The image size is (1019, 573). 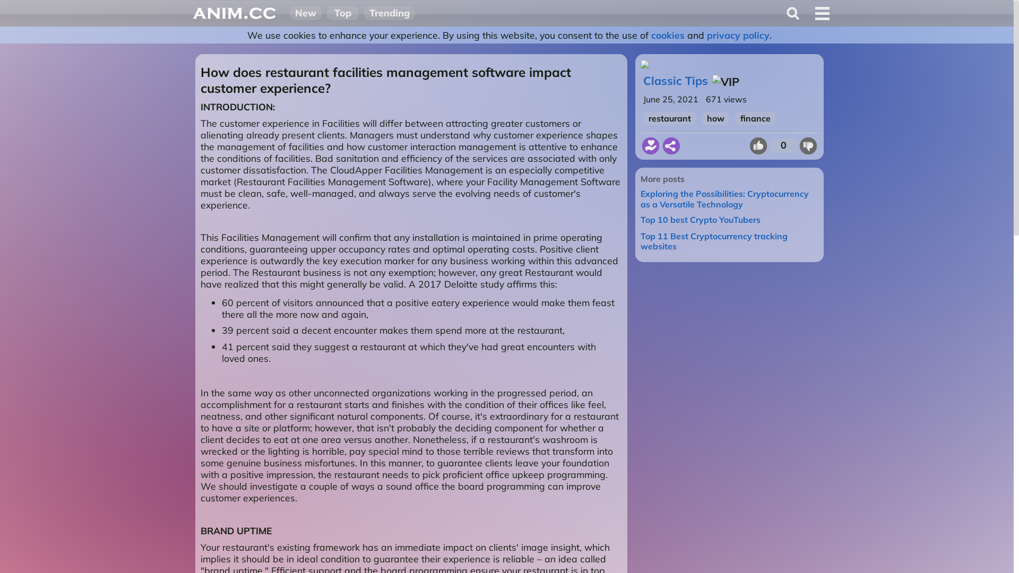 What do you see at coordinates (675, 80) in the screenshot?
I see `'Classic Tips'` at bounding box center [675, 80].